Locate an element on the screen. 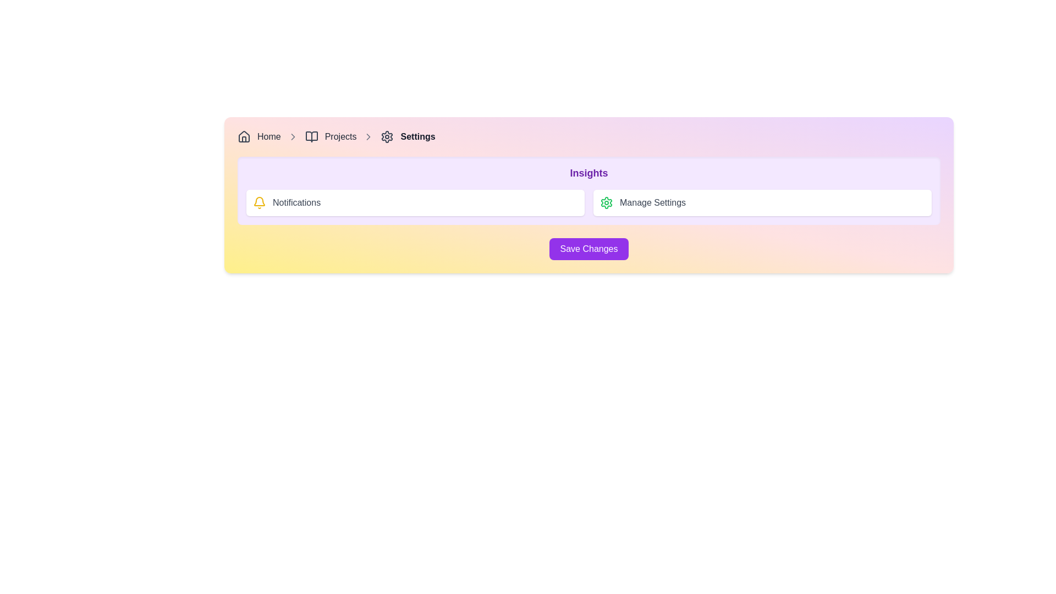  the settings management button located in the second column of the grid layout, next to the Notifications component is located at coordinates (762, 203).